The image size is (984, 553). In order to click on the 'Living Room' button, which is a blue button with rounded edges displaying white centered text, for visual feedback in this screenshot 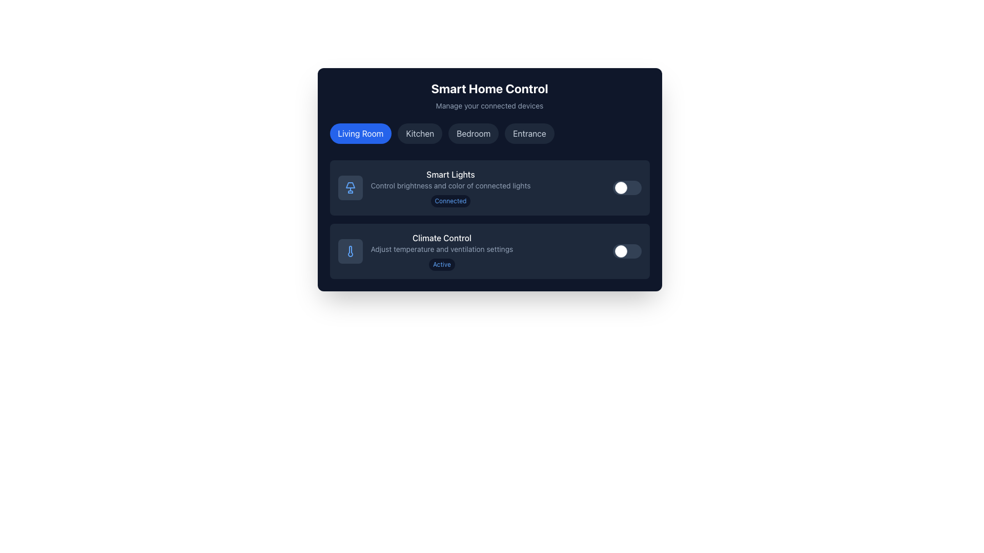, I will do `click(360, 133)`.